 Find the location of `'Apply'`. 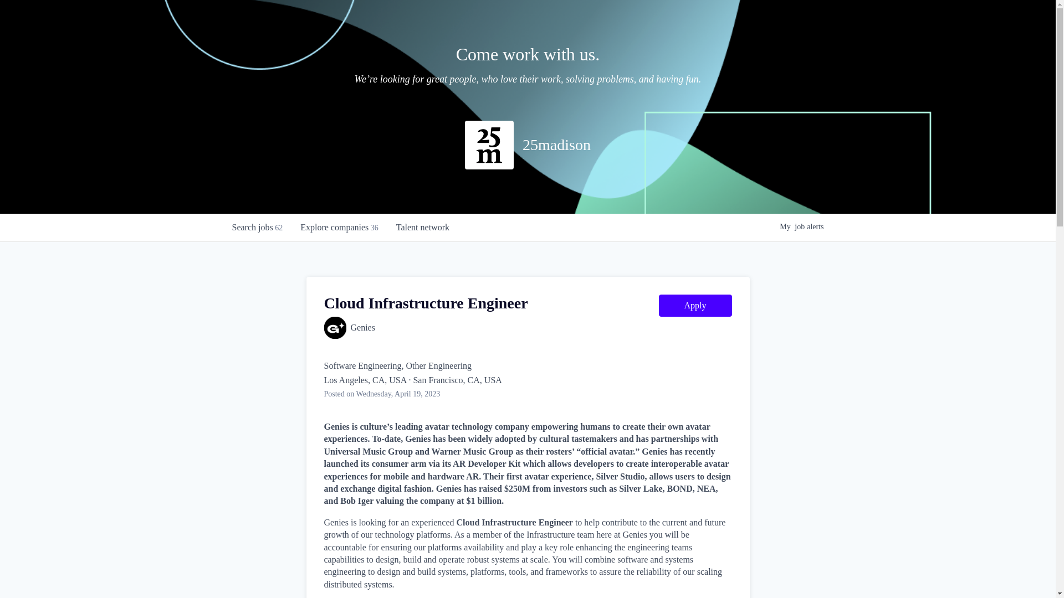

'Apply' is located at coordinates (694, 305).